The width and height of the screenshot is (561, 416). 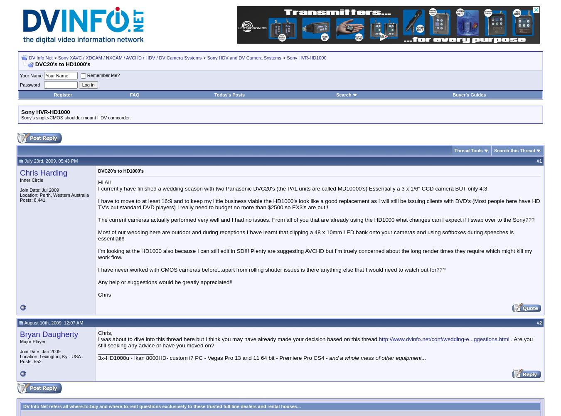 What do you see at coordinates (315, 253) in the screenshot?
I see `'I'm looking at the HD1000 also because I can still edit in SD!!! Plenty are suggesting AVCHD but I'm truely concerned about the long render times they require which might kill my work flow.'` at bounding box center [315, 253].